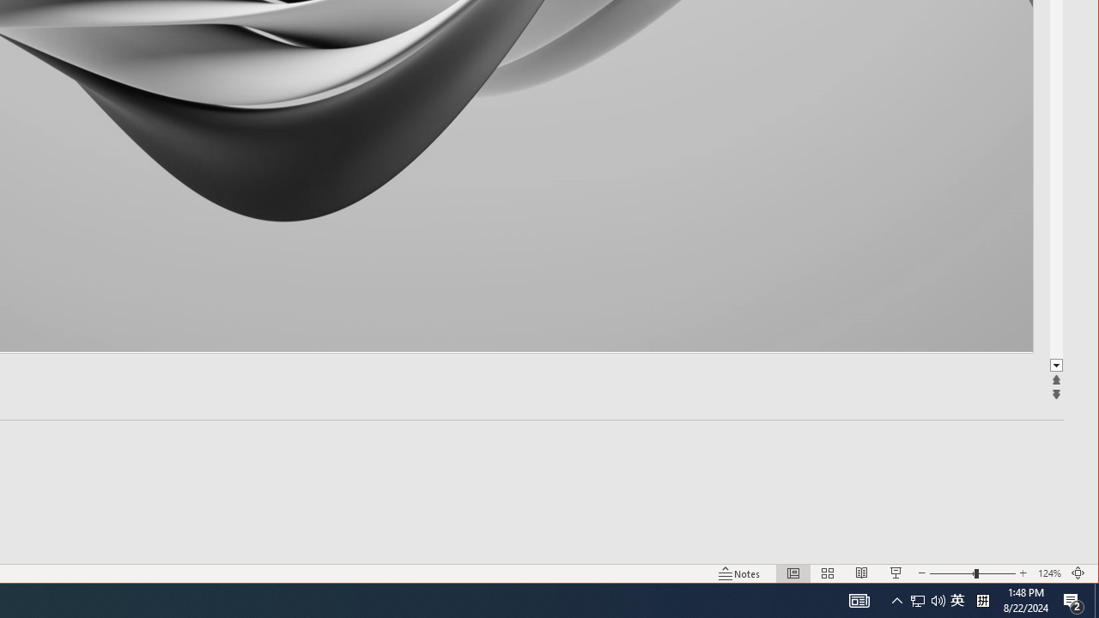  Describe the element at coordinates (862, 573) in the screenshot. I see `'Reading View'` at that location.